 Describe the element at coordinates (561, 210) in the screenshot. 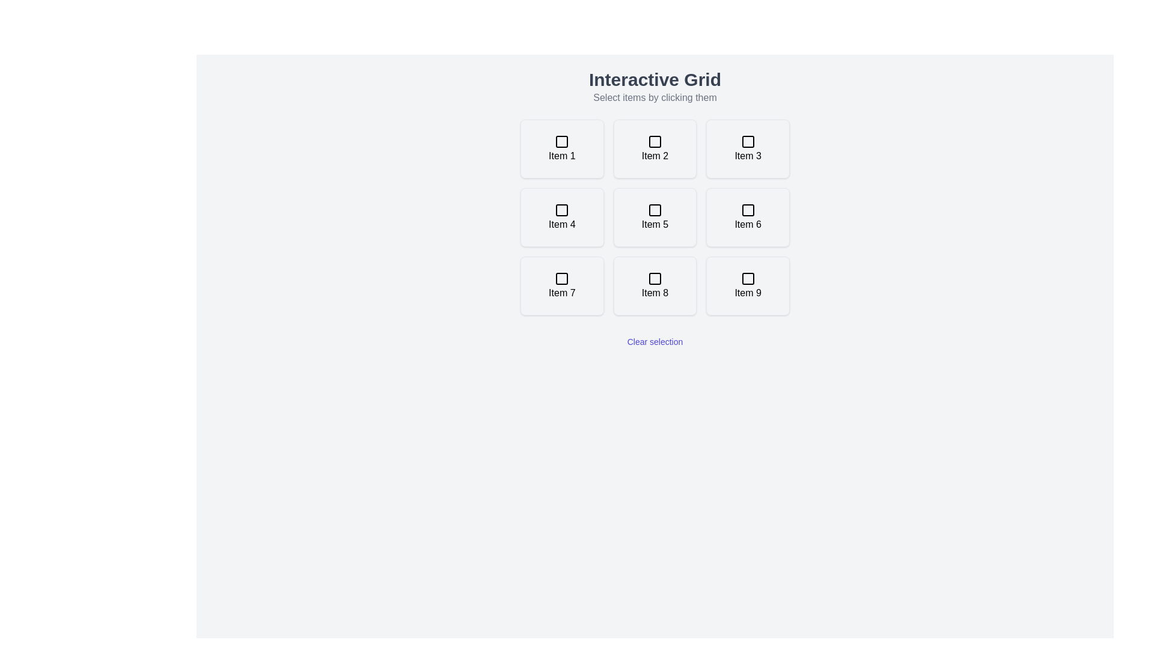

I see `the small black rounded square icon within the clickable area of 'Item 4' in the second row, first column of the grid` at that location.